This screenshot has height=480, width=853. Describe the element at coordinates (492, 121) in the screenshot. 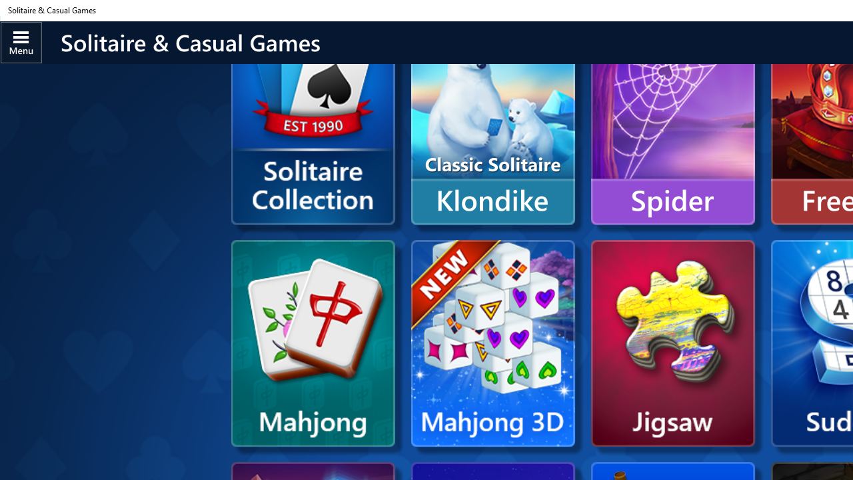

I see `'Classic Solitaire, Klondike'` at that location.